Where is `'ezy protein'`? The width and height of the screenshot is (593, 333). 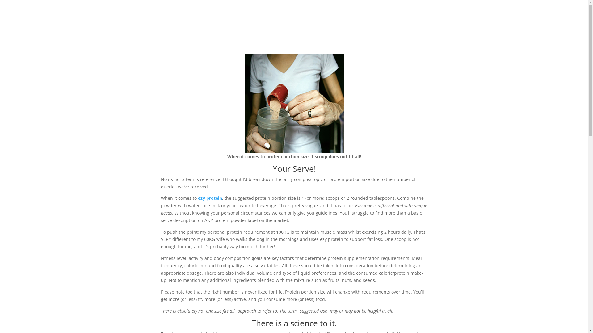
'ezy protein' is located at coordinates (209, 198).